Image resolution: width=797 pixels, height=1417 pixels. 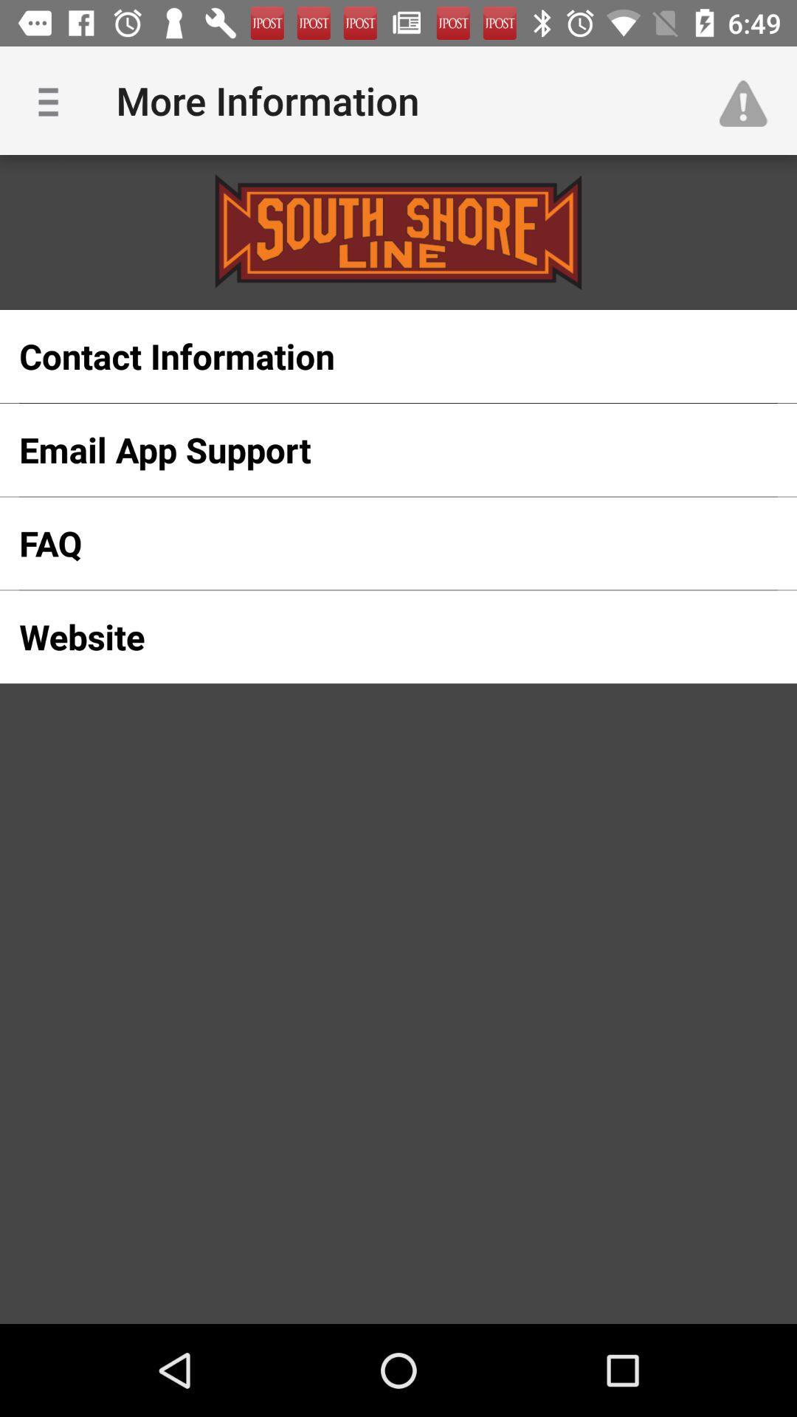 I want to click on the icon above the faq icon, so click(x=374, y=449).